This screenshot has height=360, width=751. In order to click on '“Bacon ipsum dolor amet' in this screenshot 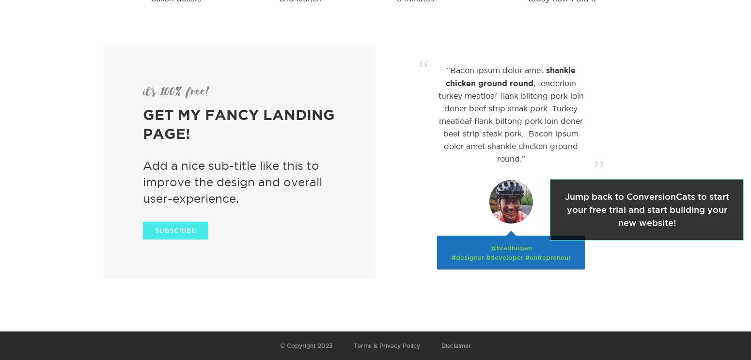, I will do `click(496, 70)`.